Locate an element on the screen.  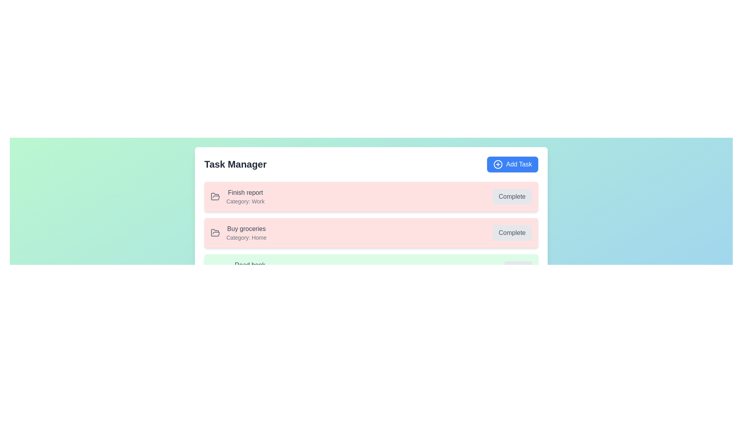
the text display block that shows the main title 'Buy groceries' and the subtitle 'Category: Home', which is the second item in the vertical list under 'Task Manager' is located at coordinates (246, 232).